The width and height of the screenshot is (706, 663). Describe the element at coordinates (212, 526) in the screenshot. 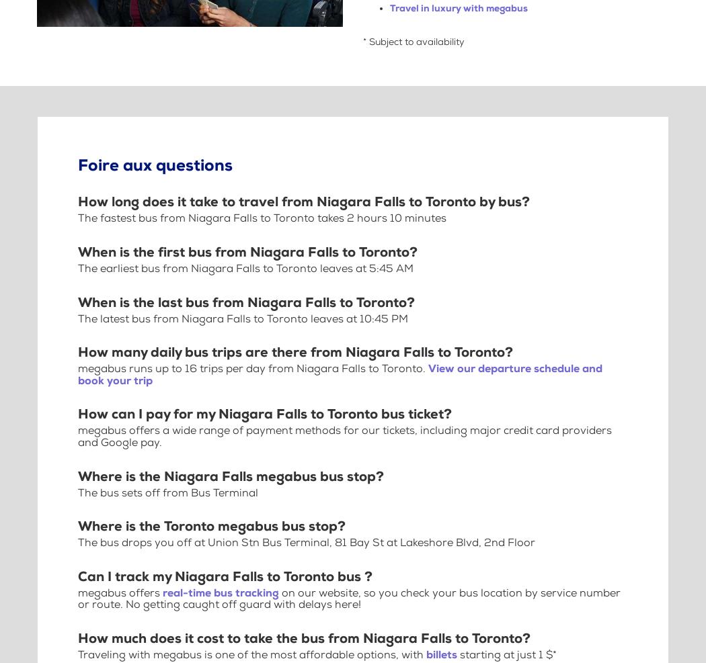

I see `'Where is the Toronto megabus bus stop?'` at that location.